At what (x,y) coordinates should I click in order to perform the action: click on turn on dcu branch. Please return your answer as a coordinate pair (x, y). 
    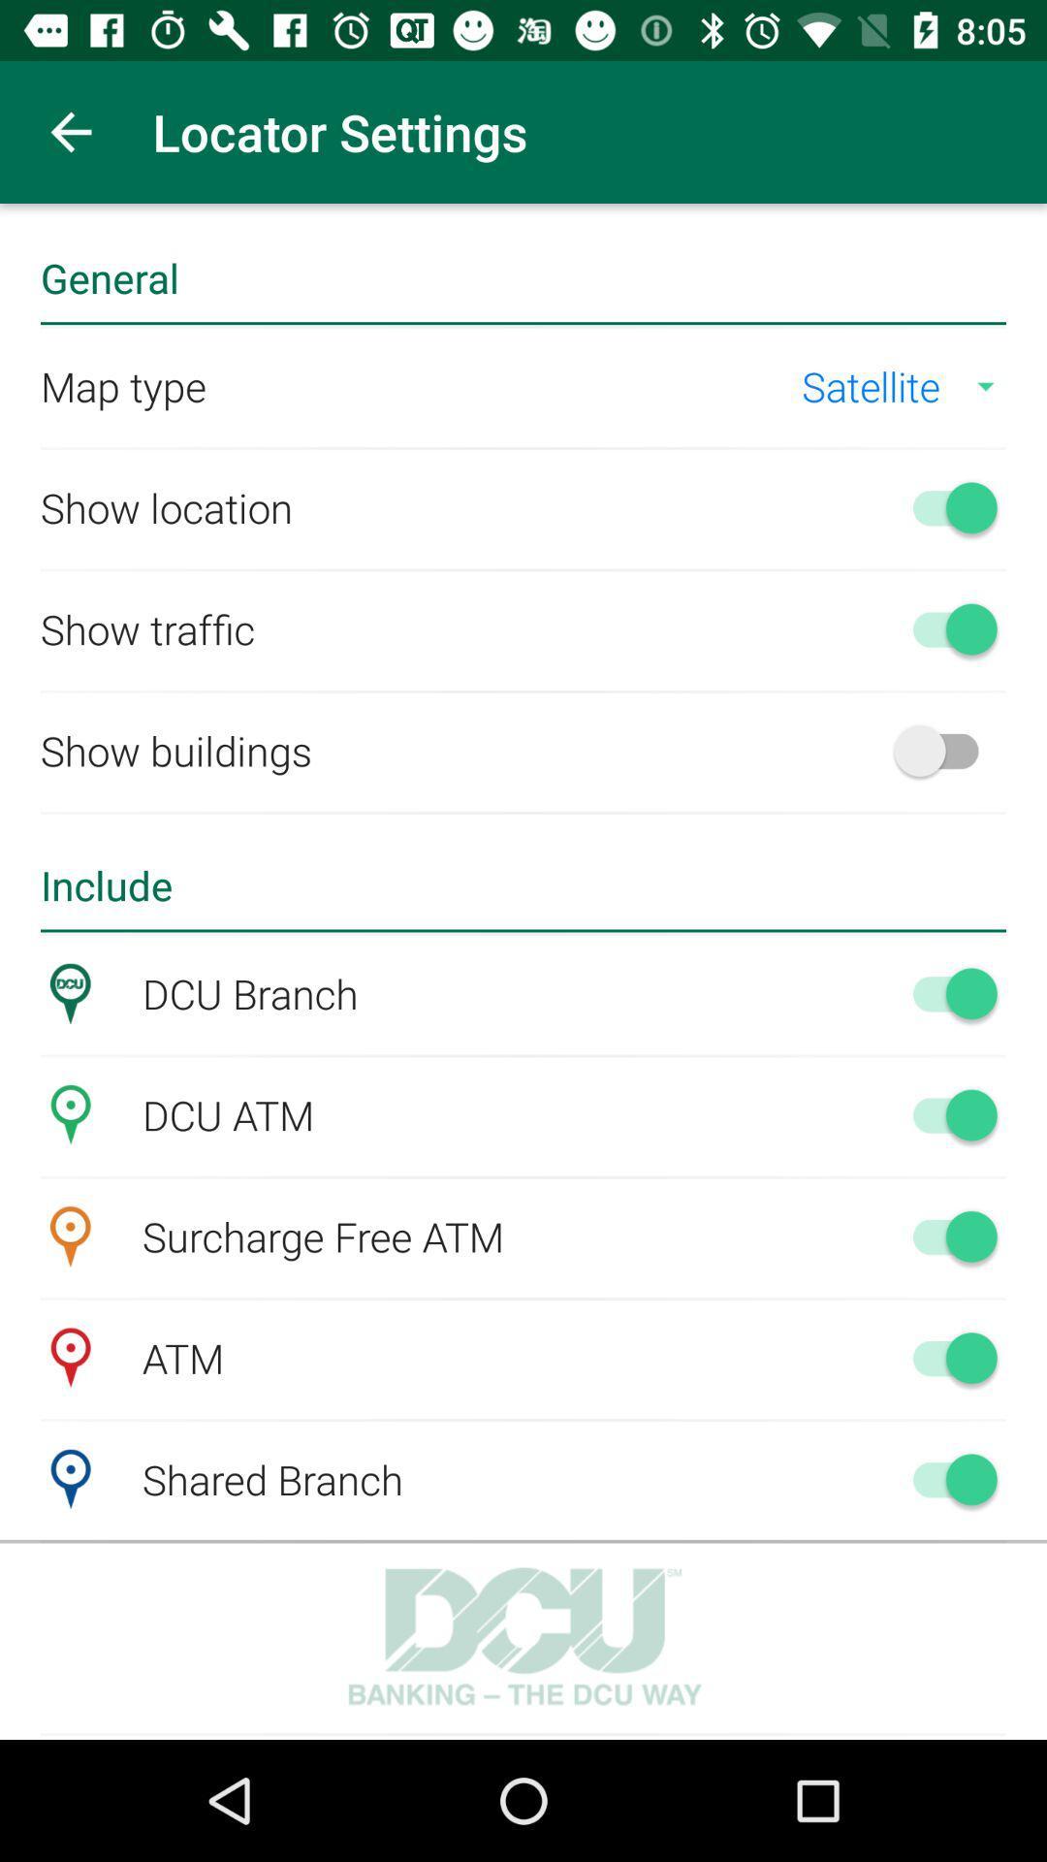
    Looking at the image, I should click on (944, 993).